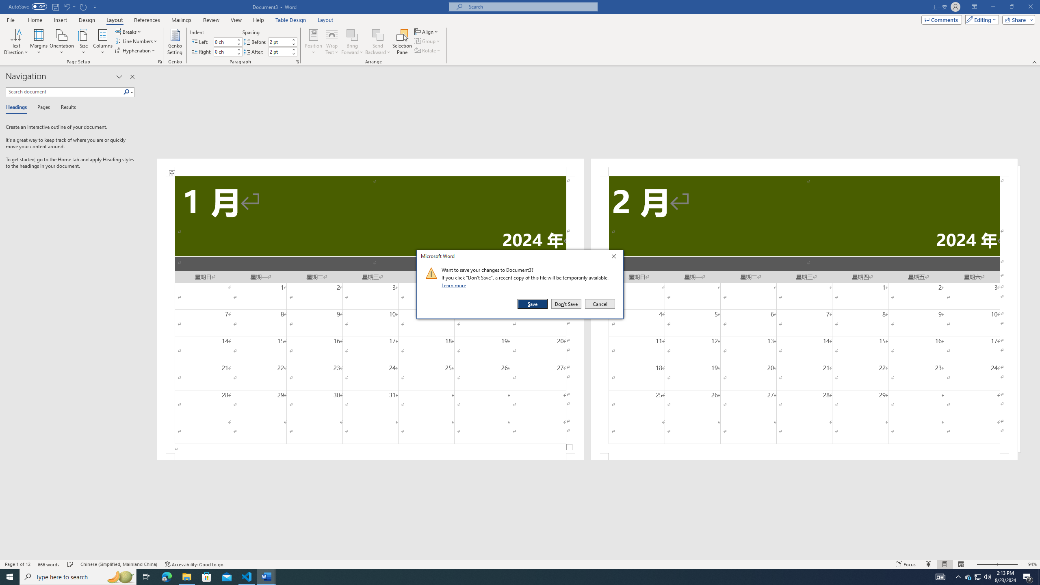  What do you see at coordinates (118, 564) in the screenshot?
I see `'Language Chinese (Simplified, Mainland China)'` at bounding box center [118, 564].